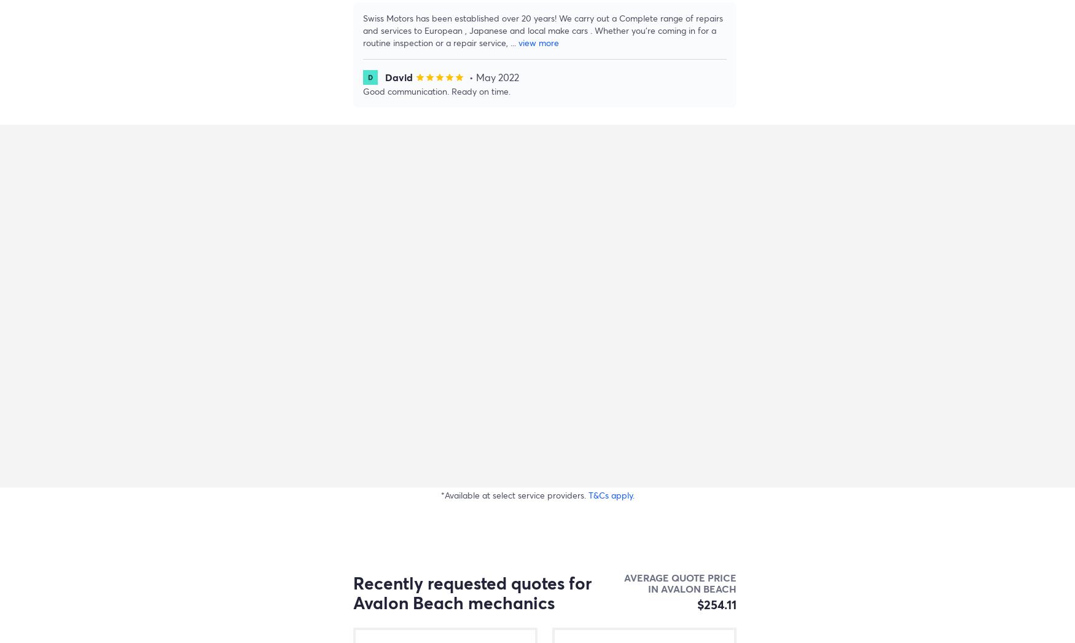 The width and height of the screenshot is (1075, 643). What do you see at coordinates (716, 604) in the screenshot?
I see `'$254.11'` at bounding box center [716, 604].